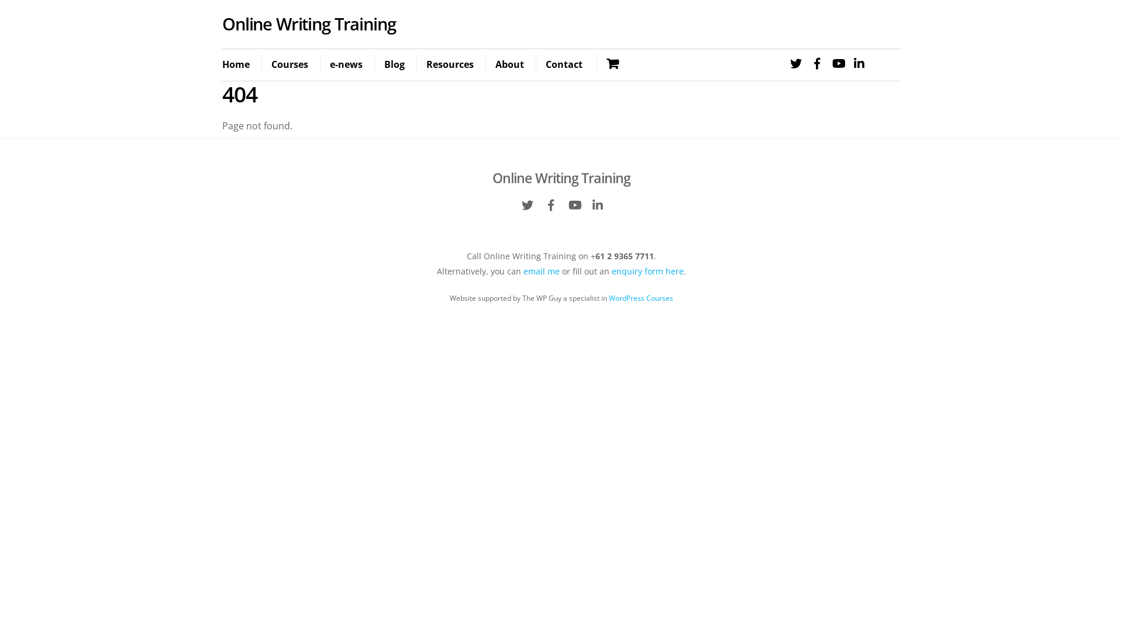 The height and width of the screenshot is (632, 1123). What do you see at coordinates (345, 65) in the screenshot?
I see `'e-news'` at bounding box center [345, 65].